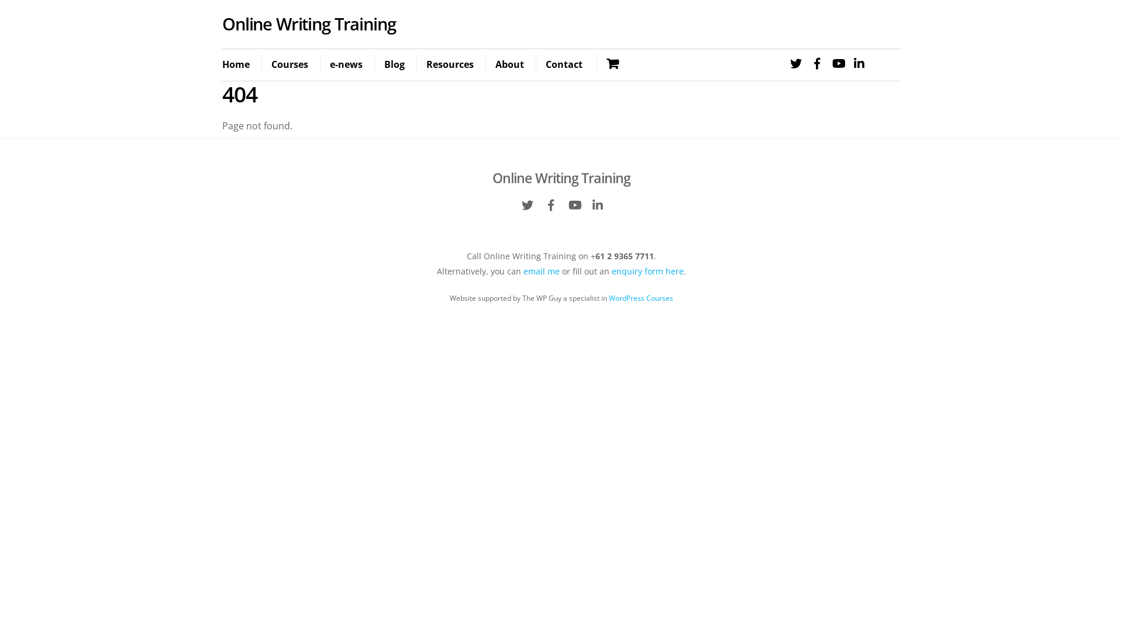 The height and width of the screenshot is (632, 1123). What do you see at coordinates (345, 65) in the screenshot?
I see `'e-news'` at bounding box center [345, 65].